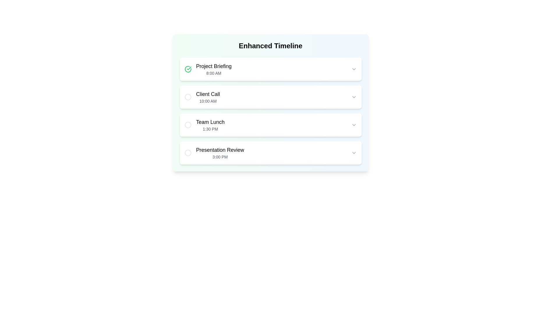 This screenshot has height=314, width=559. I want to click on the chevron dropdown indicator icon next to the 'Presentation Review' labeled row at 3:00 PM to indicate it is interactive, so click(353, 152).